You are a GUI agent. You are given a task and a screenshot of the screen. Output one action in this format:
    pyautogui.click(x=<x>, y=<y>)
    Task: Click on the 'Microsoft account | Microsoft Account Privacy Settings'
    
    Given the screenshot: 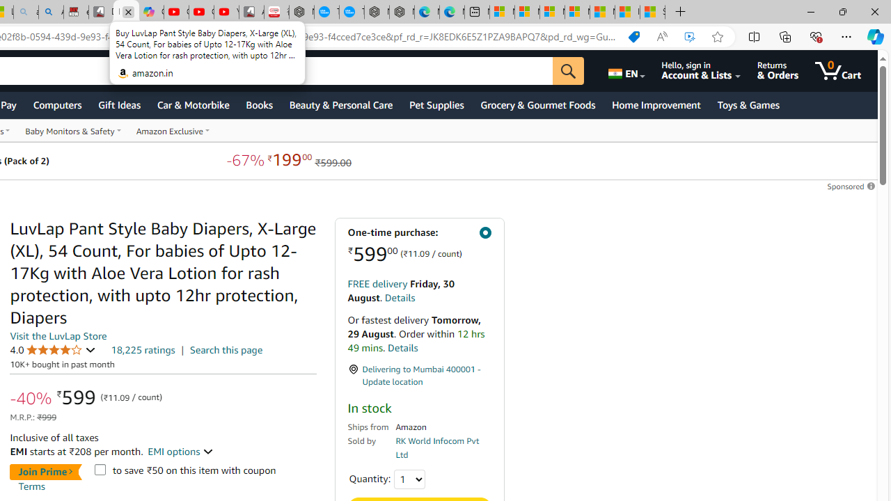 What is the action you would take?
    pyautogui.click(x=526, y=12)
    